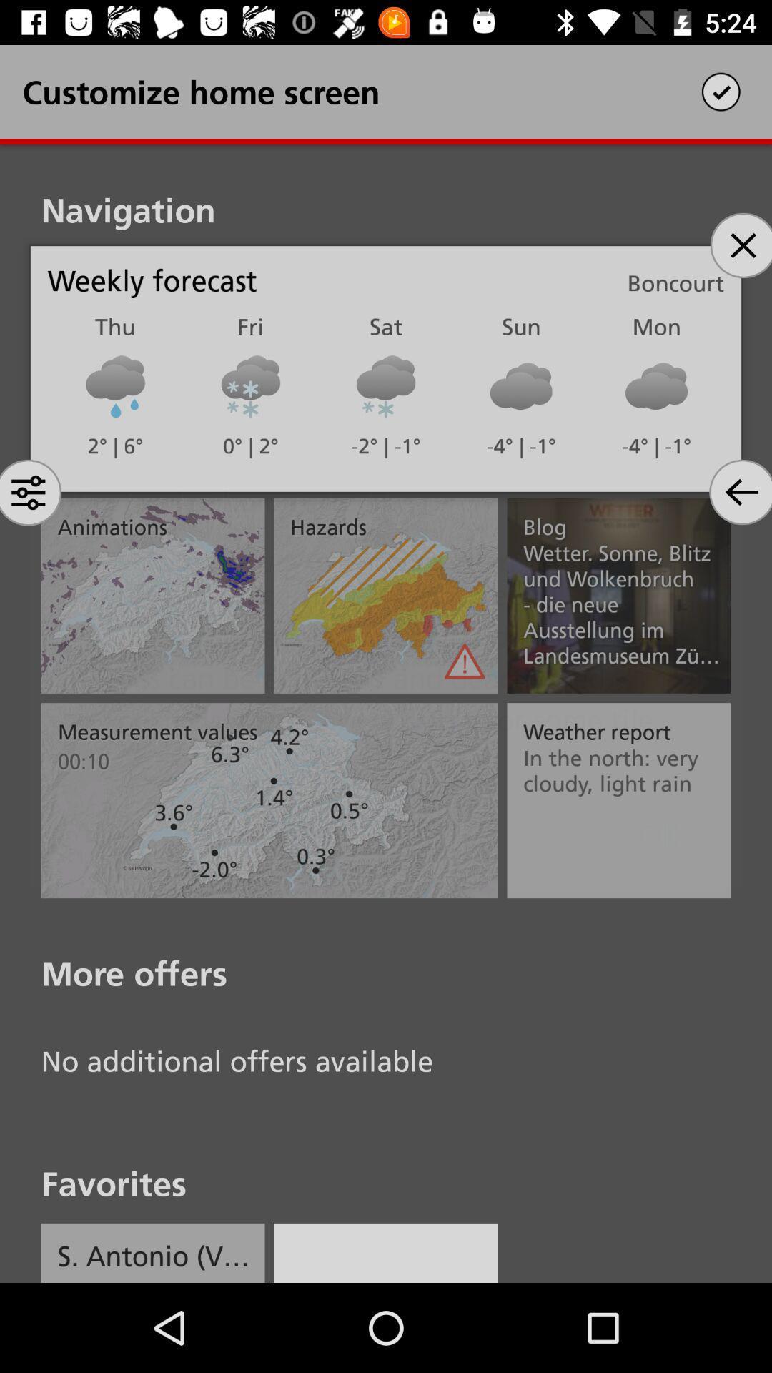 Image resolution: width=772 pixels, height=1373 pixels. What do you see at coordinates (740, 492) in the screenshot?
I see `the arrow_backward icon` at bounding box center [740, 492].